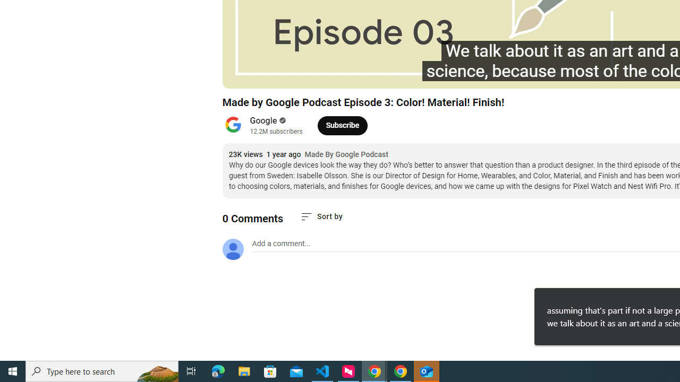 The height and width of the screenshot is (382, 680). Describe the element at coordinates (191, 370) in the screenshot. I see `'Task View'` at that location.